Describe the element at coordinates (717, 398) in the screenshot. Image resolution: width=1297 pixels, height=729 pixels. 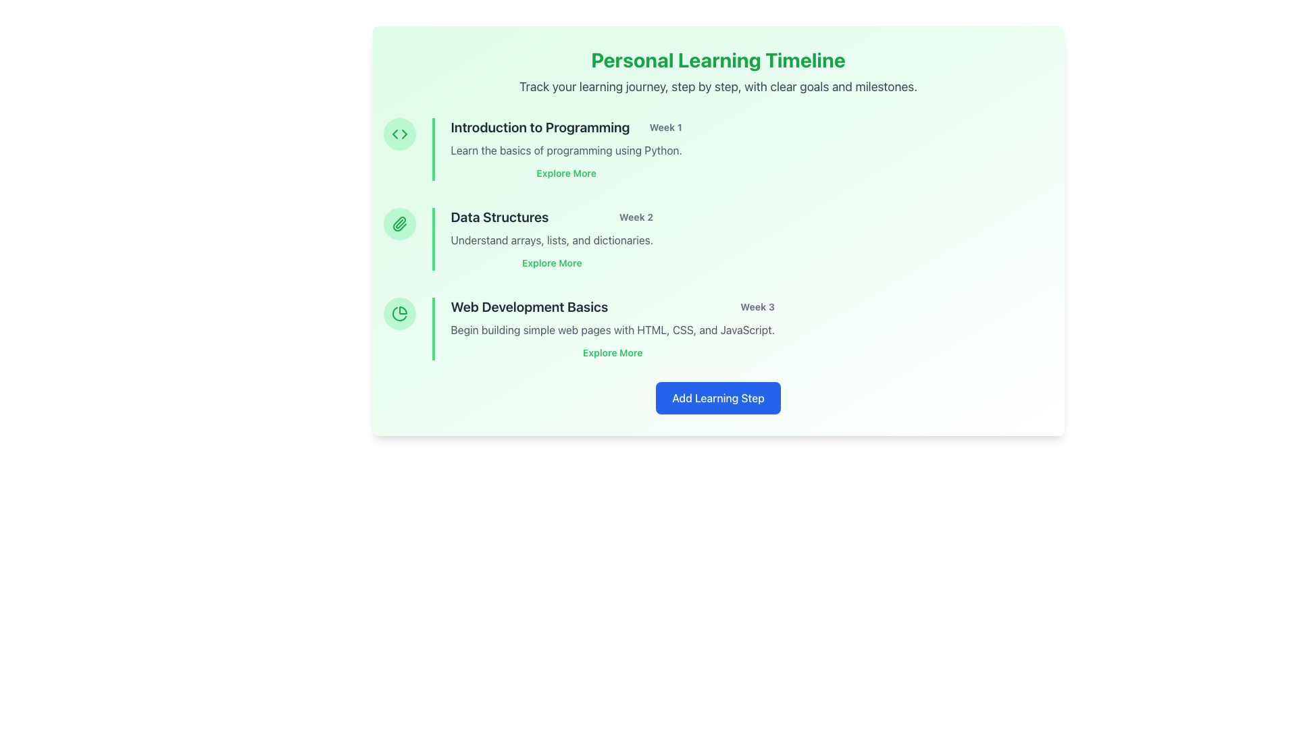
I see `the button located at the bottom of the 'Personal Learning Timeline' section` at that location.